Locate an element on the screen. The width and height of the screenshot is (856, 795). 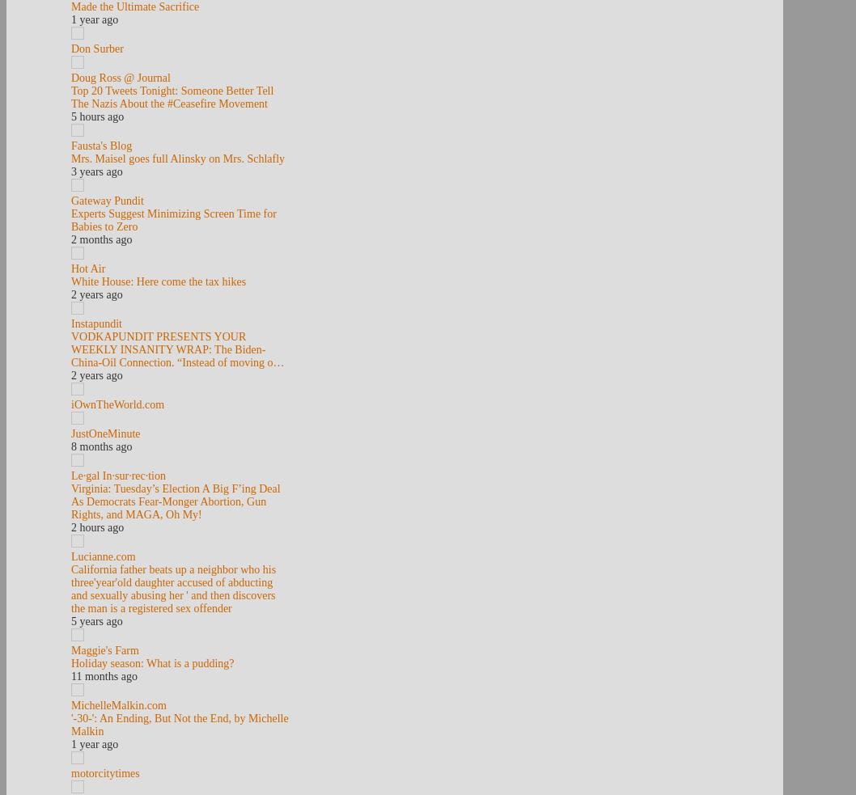
'2 hours ago' is located at coordinates (71, 527).